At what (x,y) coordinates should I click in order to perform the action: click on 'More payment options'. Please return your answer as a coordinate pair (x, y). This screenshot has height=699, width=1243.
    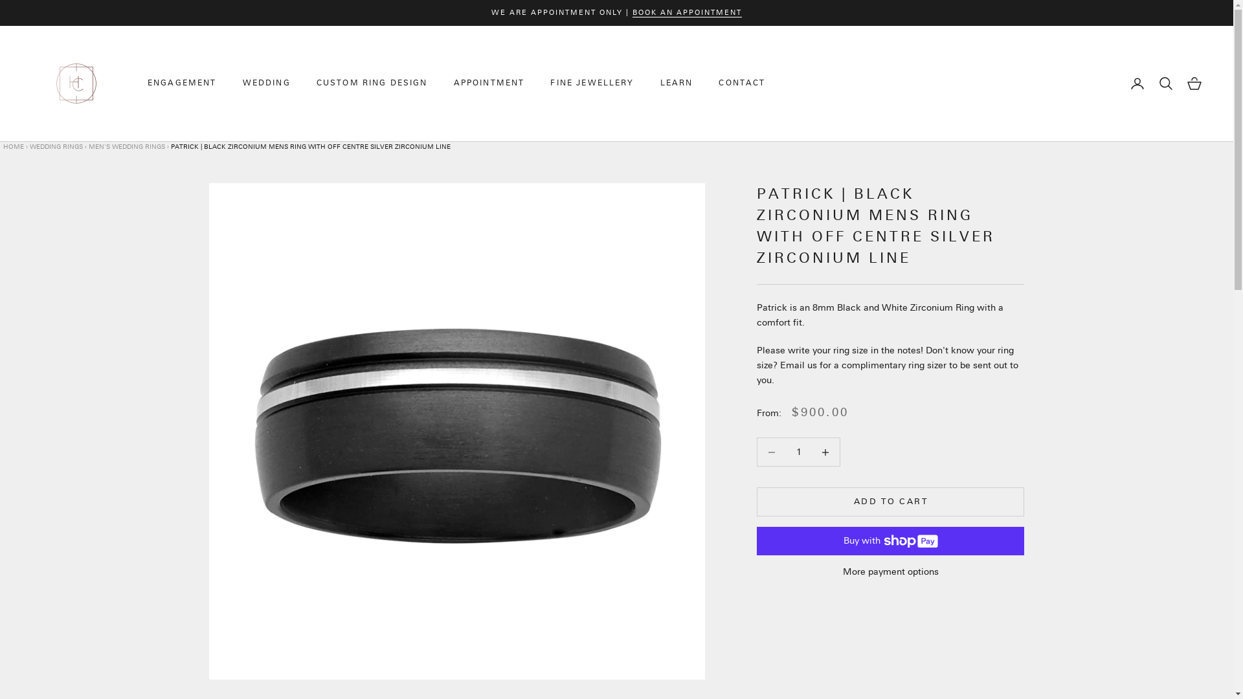
    Looking at the image, I should click on (890, 571).